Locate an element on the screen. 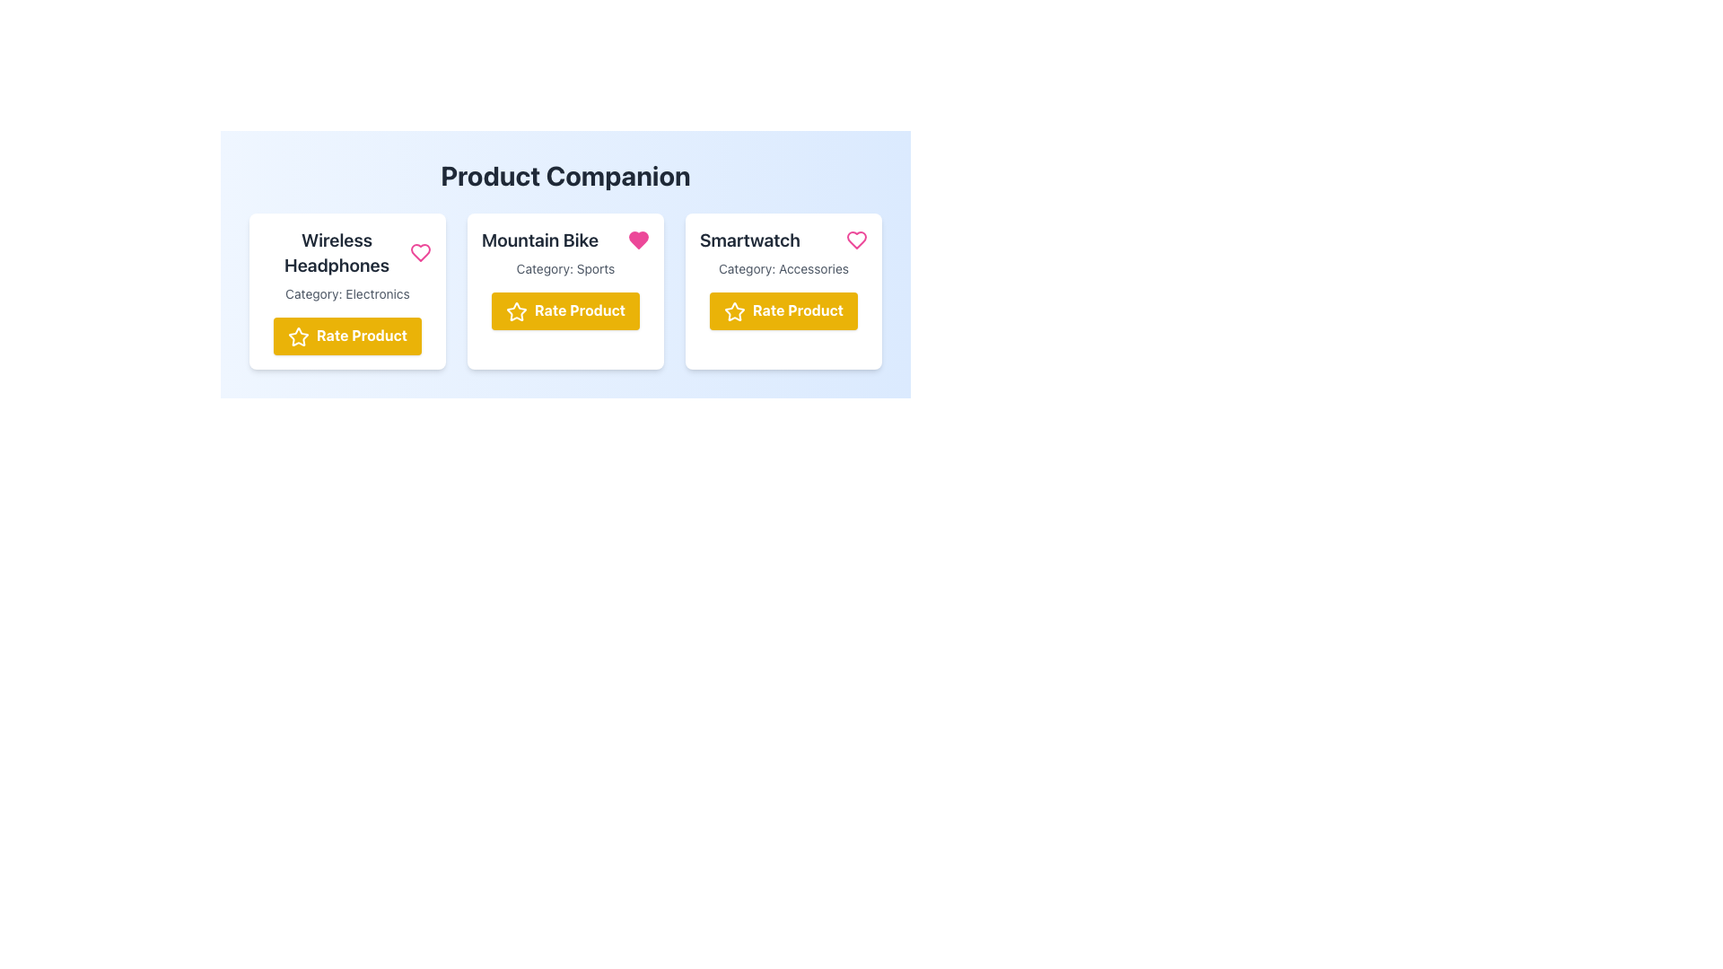  the star icon outlined in yellow, which is part of the 'Rate Product' button located in the second card under 'Product Companion.' is located at coordinates (298, 336).